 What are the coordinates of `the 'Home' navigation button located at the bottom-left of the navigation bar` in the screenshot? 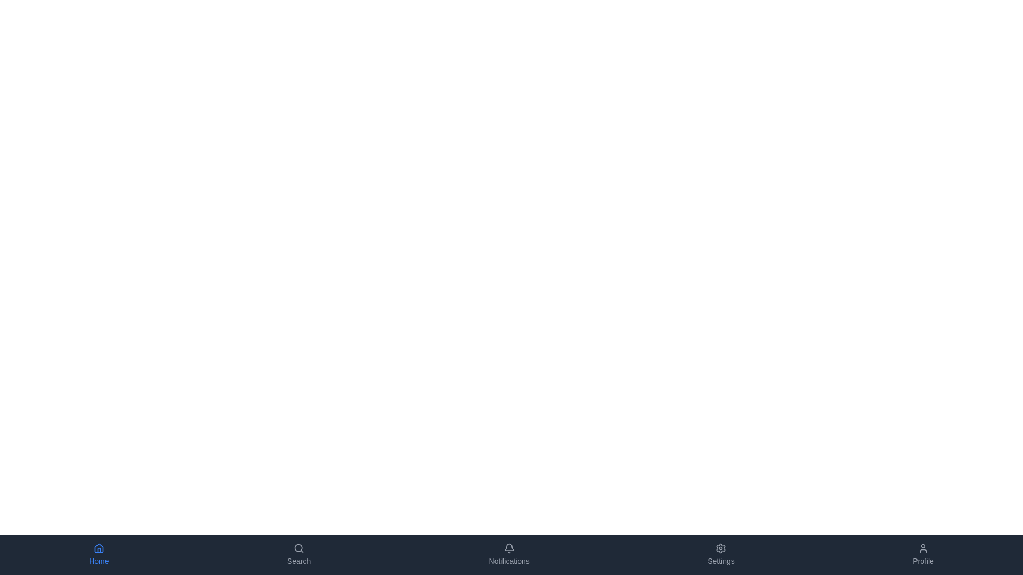 It's located at (99, 554).